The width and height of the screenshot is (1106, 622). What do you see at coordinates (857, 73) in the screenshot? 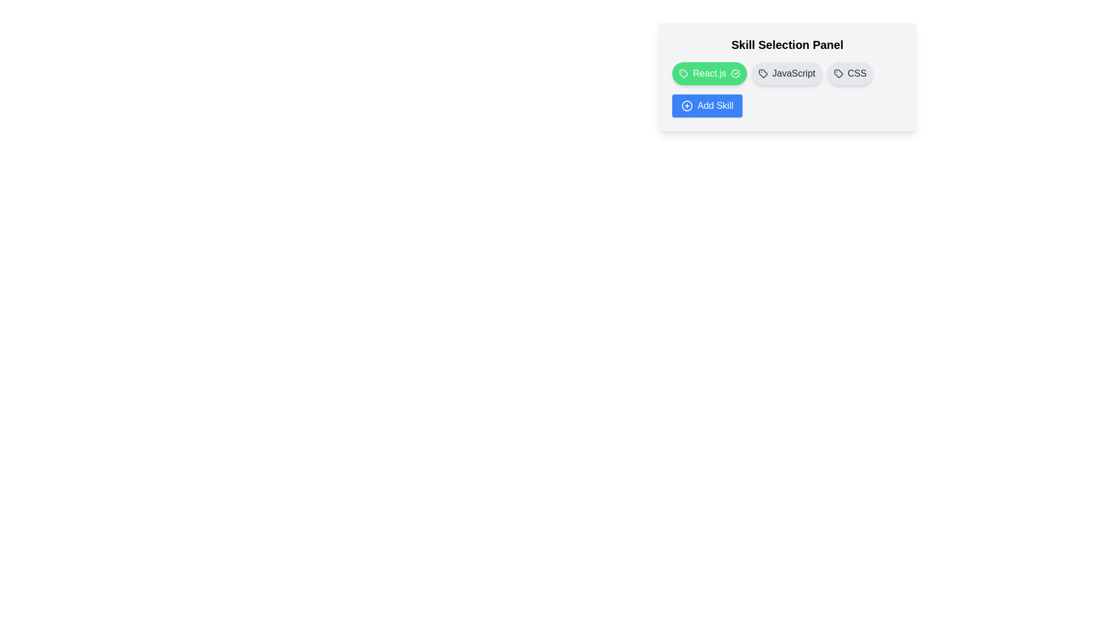
I see `the 'CSS' skill label in the skill selection interface, which is the last tag in the row of skills at the top-right section` at bounding box center [857, 73].